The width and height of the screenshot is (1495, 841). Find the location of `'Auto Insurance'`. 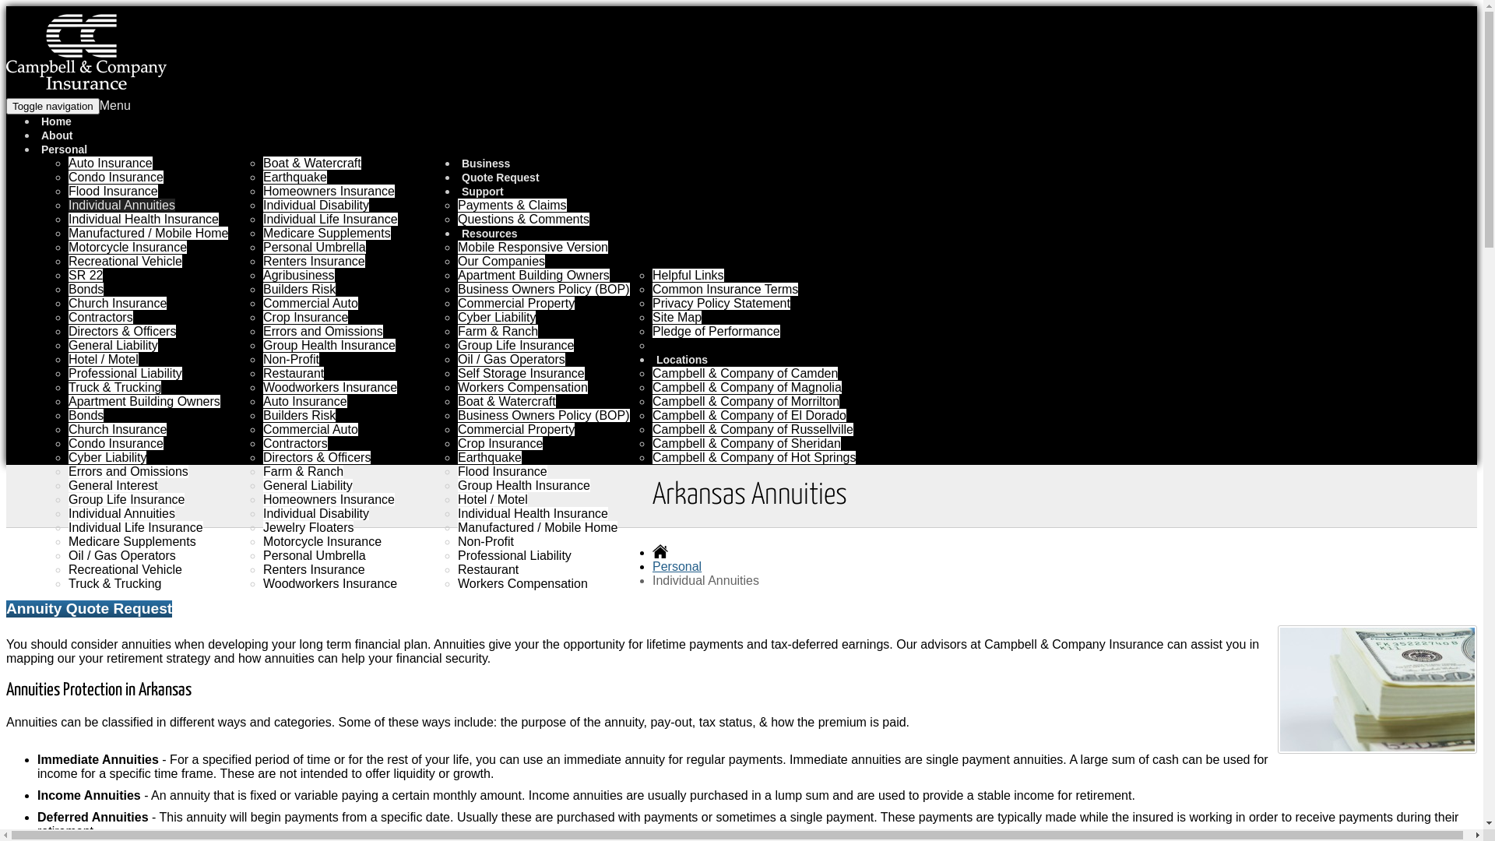

'Auto Insurance' is located at coordinates (305, 400).